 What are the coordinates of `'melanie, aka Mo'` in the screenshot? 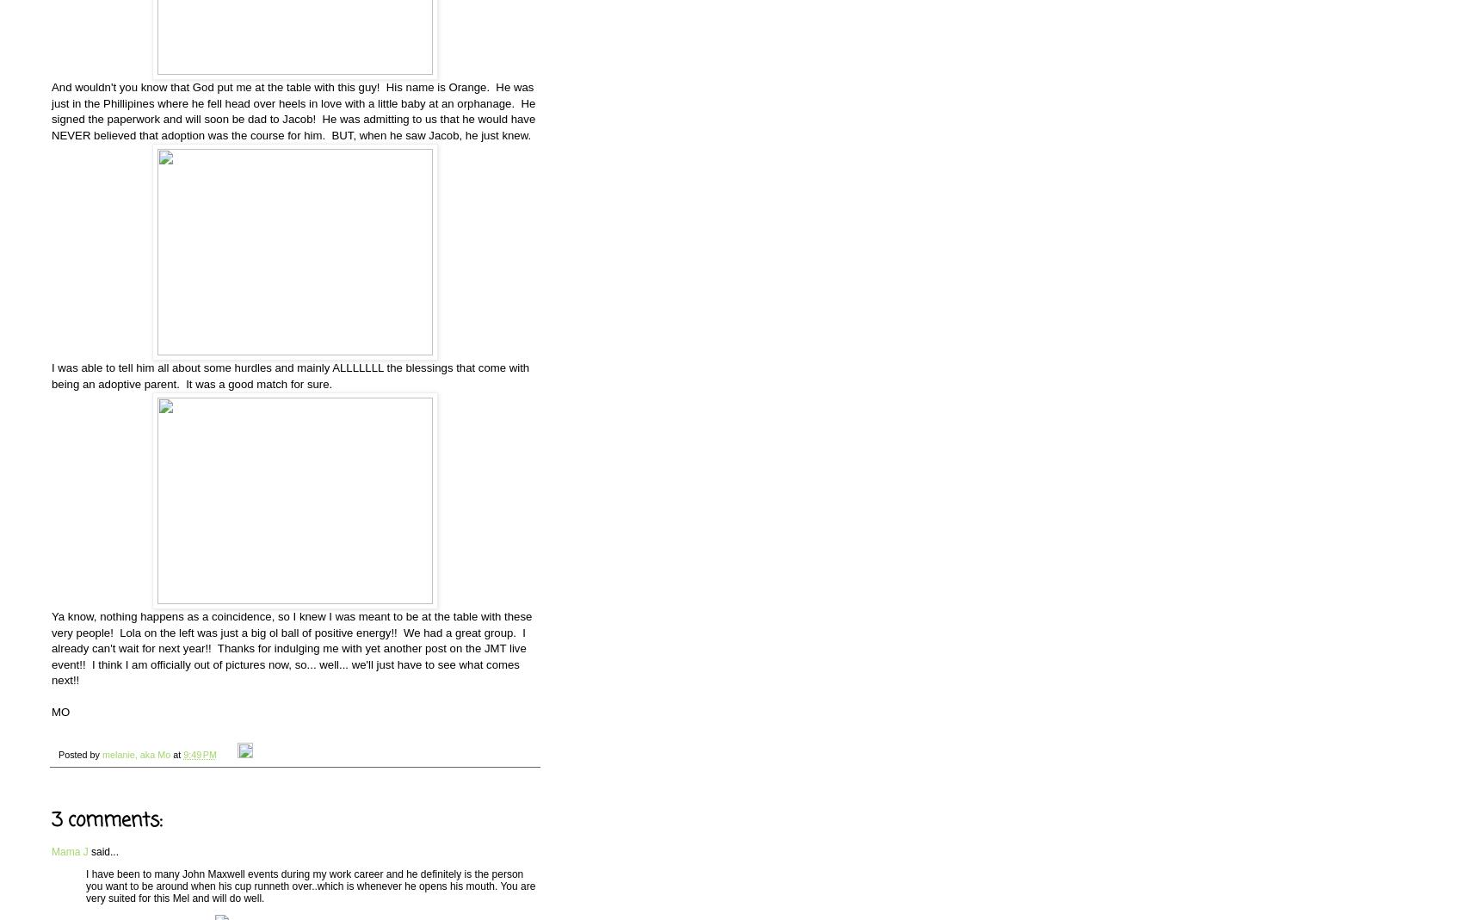 It's located at (135, 753).